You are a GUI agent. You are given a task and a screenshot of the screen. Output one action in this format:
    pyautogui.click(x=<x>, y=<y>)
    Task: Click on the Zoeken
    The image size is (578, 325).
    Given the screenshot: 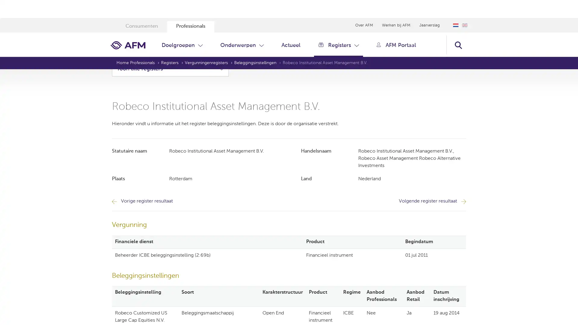 What is the action you would take?
    pyautogui.click(x=365, y=26)
    